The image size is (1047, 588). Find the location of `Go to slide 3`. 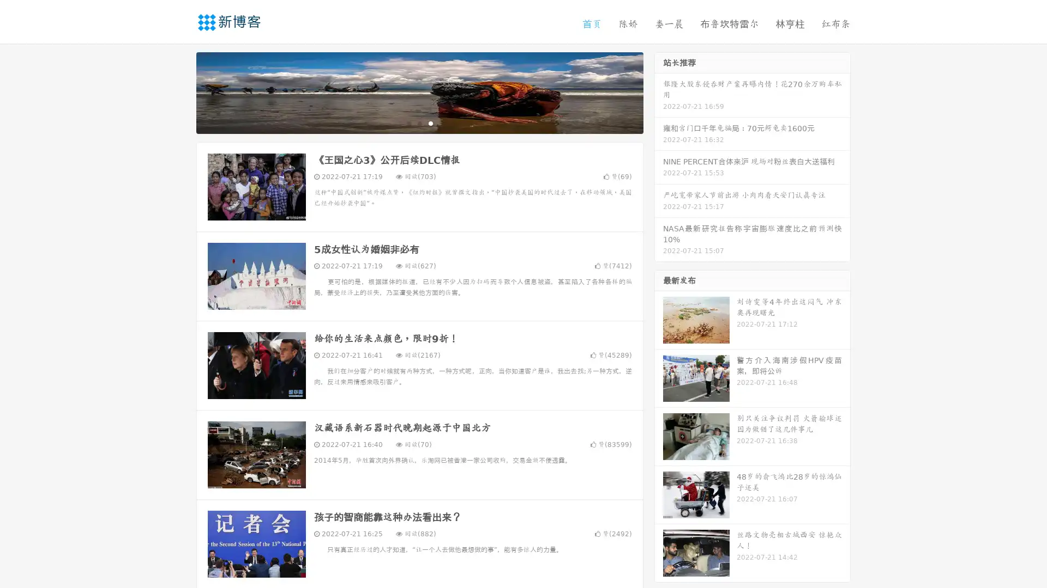

Go to slide 3 is located at coordinates (430, 122).